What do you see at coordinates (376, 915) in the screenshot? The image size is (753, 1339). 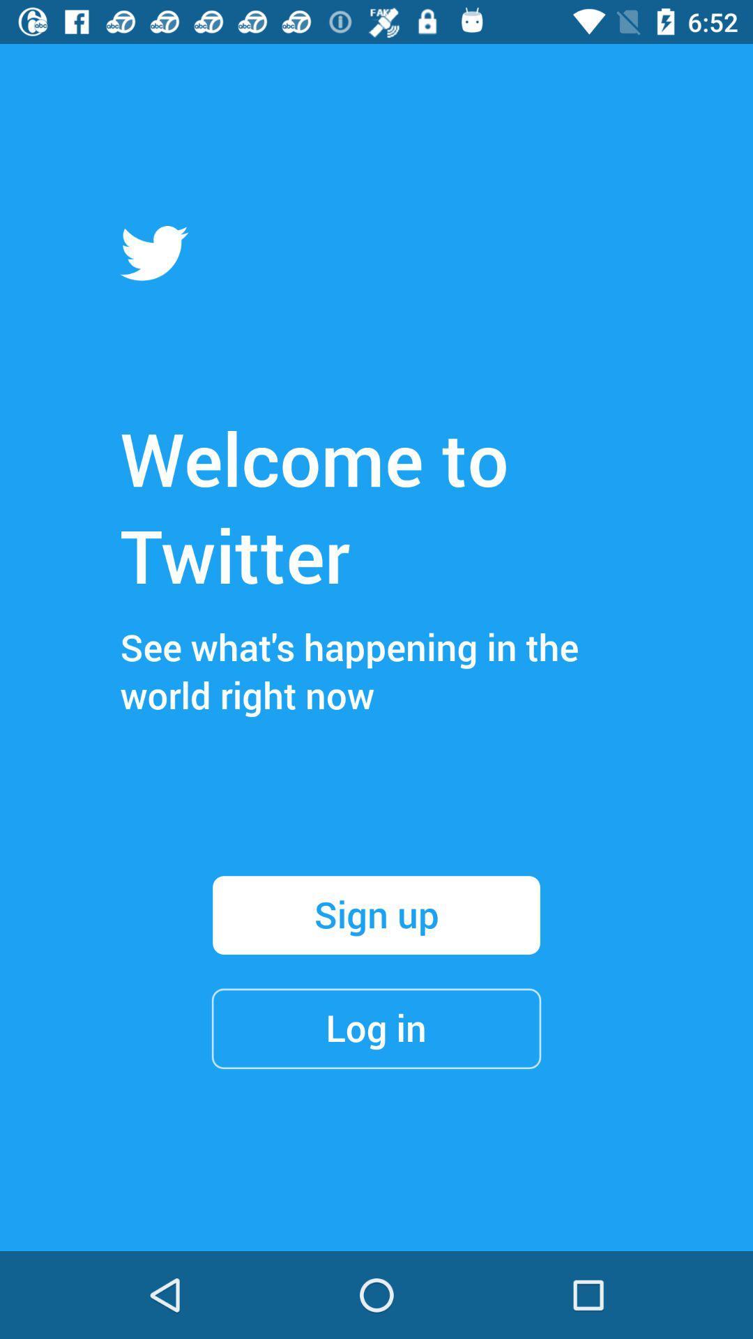 I see `the item below see what s` at bounding box center [376, 915].